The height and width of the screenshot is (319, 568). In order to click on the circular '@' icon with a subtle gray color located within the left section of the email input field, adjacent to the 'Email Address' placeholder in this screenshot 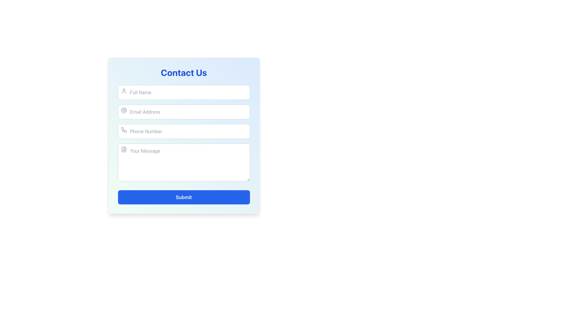, I will do `click(123, 110)`.